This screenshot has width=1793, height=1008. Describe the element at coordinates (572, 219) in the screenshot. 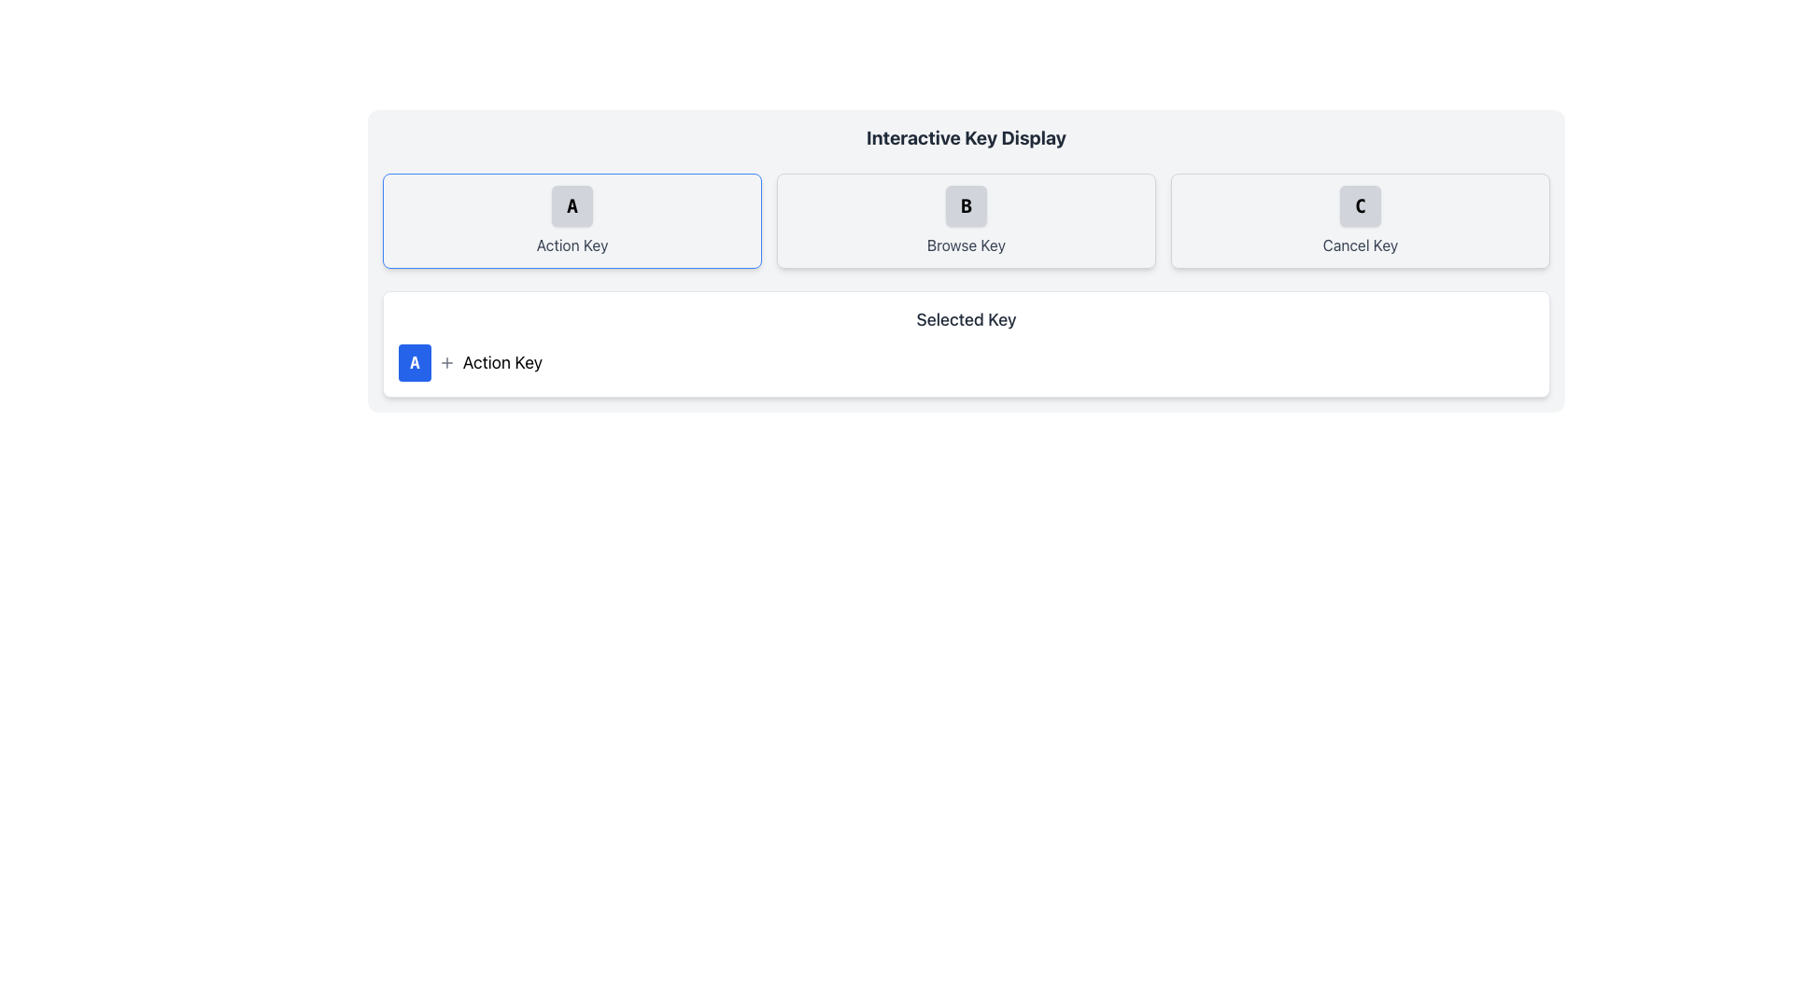

I see `the first button in the horizontal row of cards` at that location.